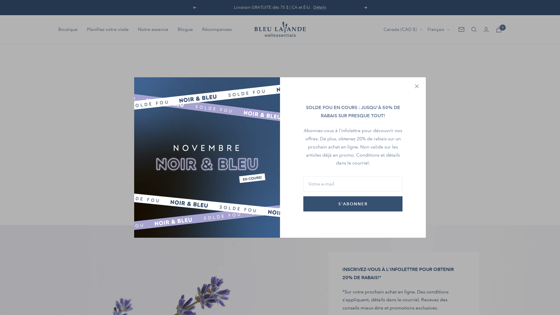  What do you see at coordinates (402, 29) in the screenshot?
I see `'Canada (CAD $)'` at bounding box center [402, 29].